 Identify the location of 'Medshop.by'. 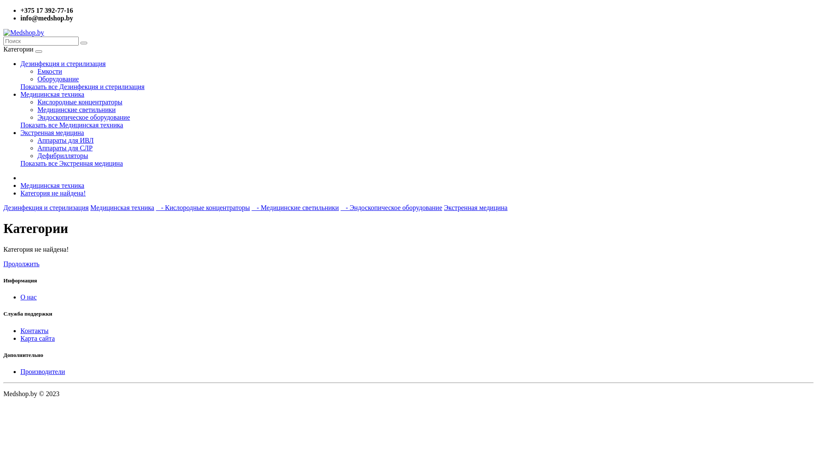
(24, 32).